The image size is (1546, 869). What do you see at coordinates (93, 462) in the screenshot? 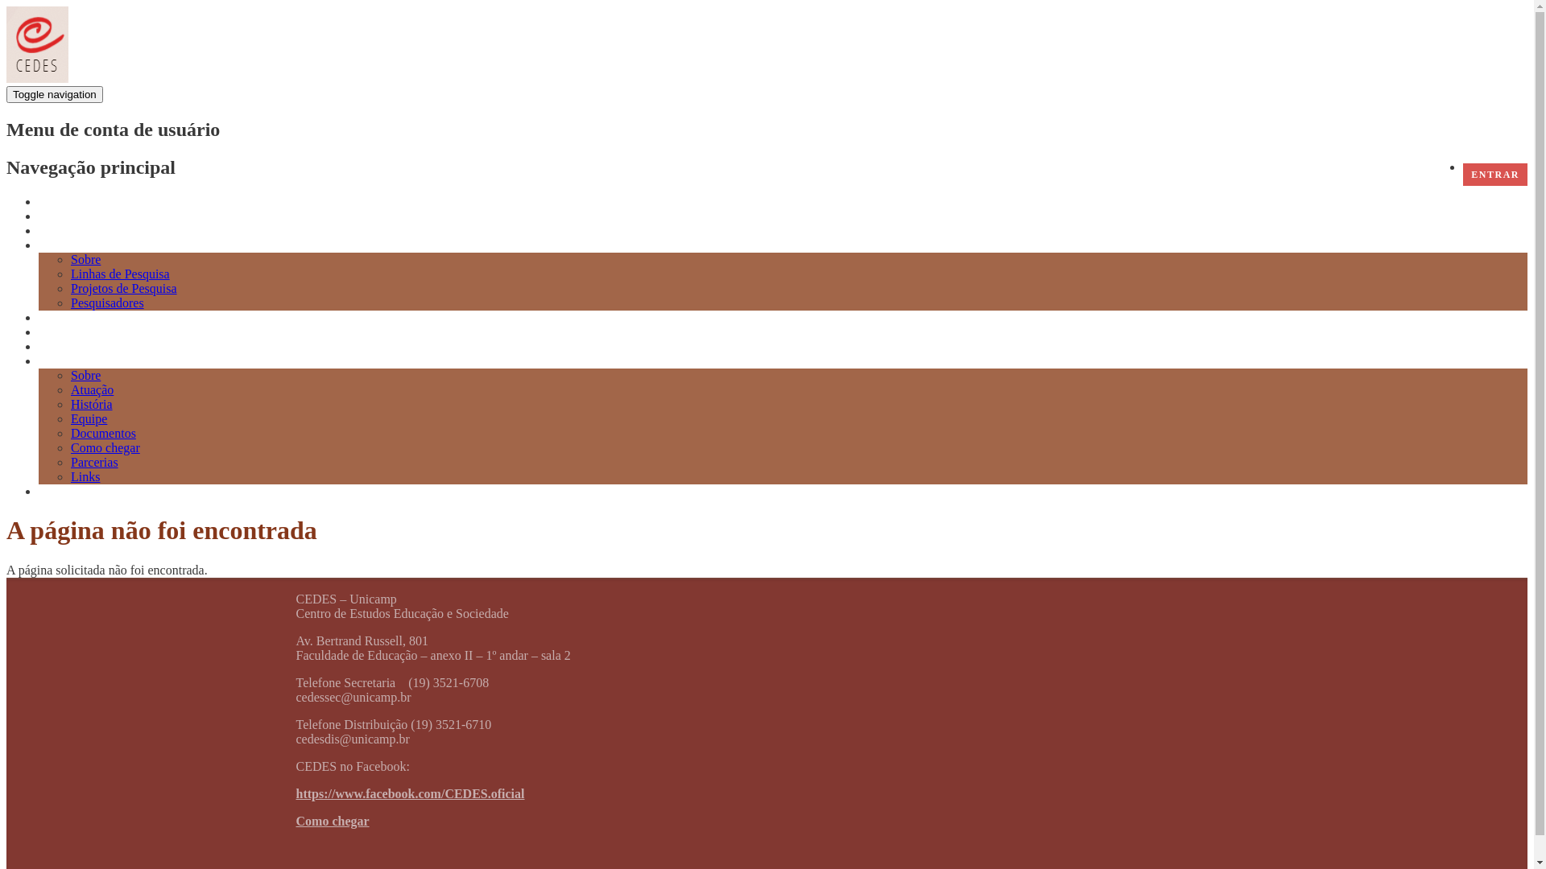
I see `'Parcerias'` at bounding box center [93, 462].